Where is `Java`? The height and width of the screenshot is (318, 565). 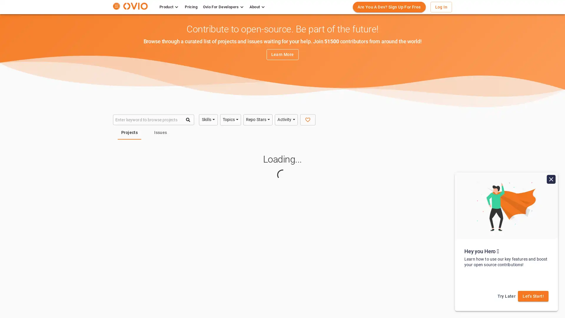 Java is located at coordinates (129, 251).